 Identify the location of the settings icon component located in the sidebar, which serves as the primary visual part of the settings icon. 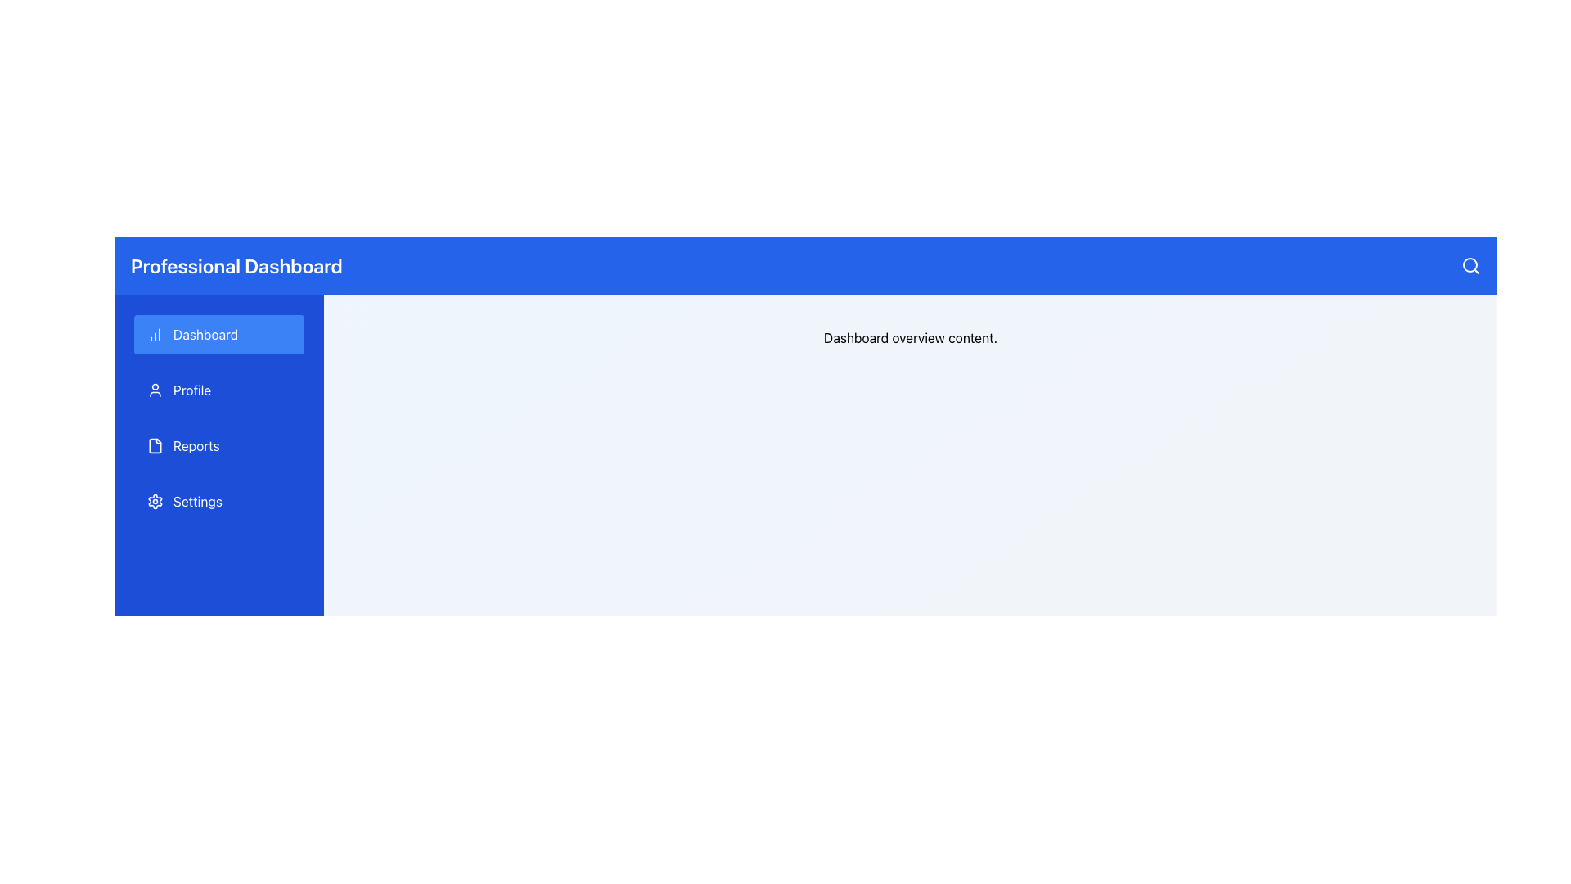
(155, 501).